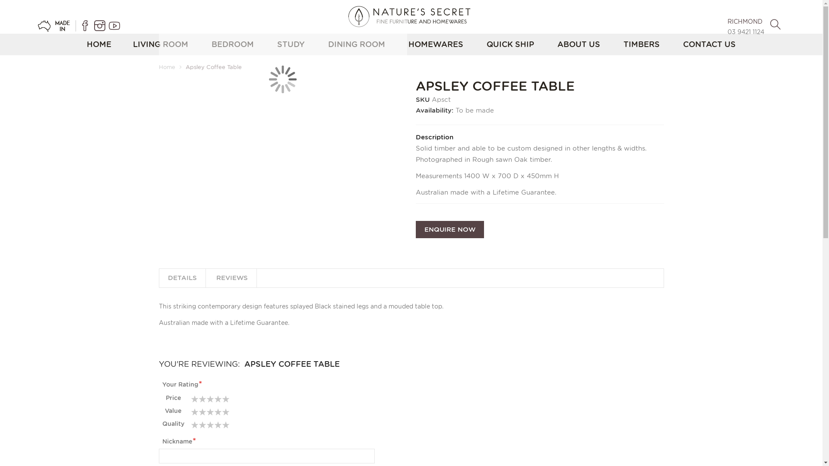  What do you see at coordinates (642, 44) in the screenshot?
I see `'TIMBERS'` at bounding box center [642, 44].